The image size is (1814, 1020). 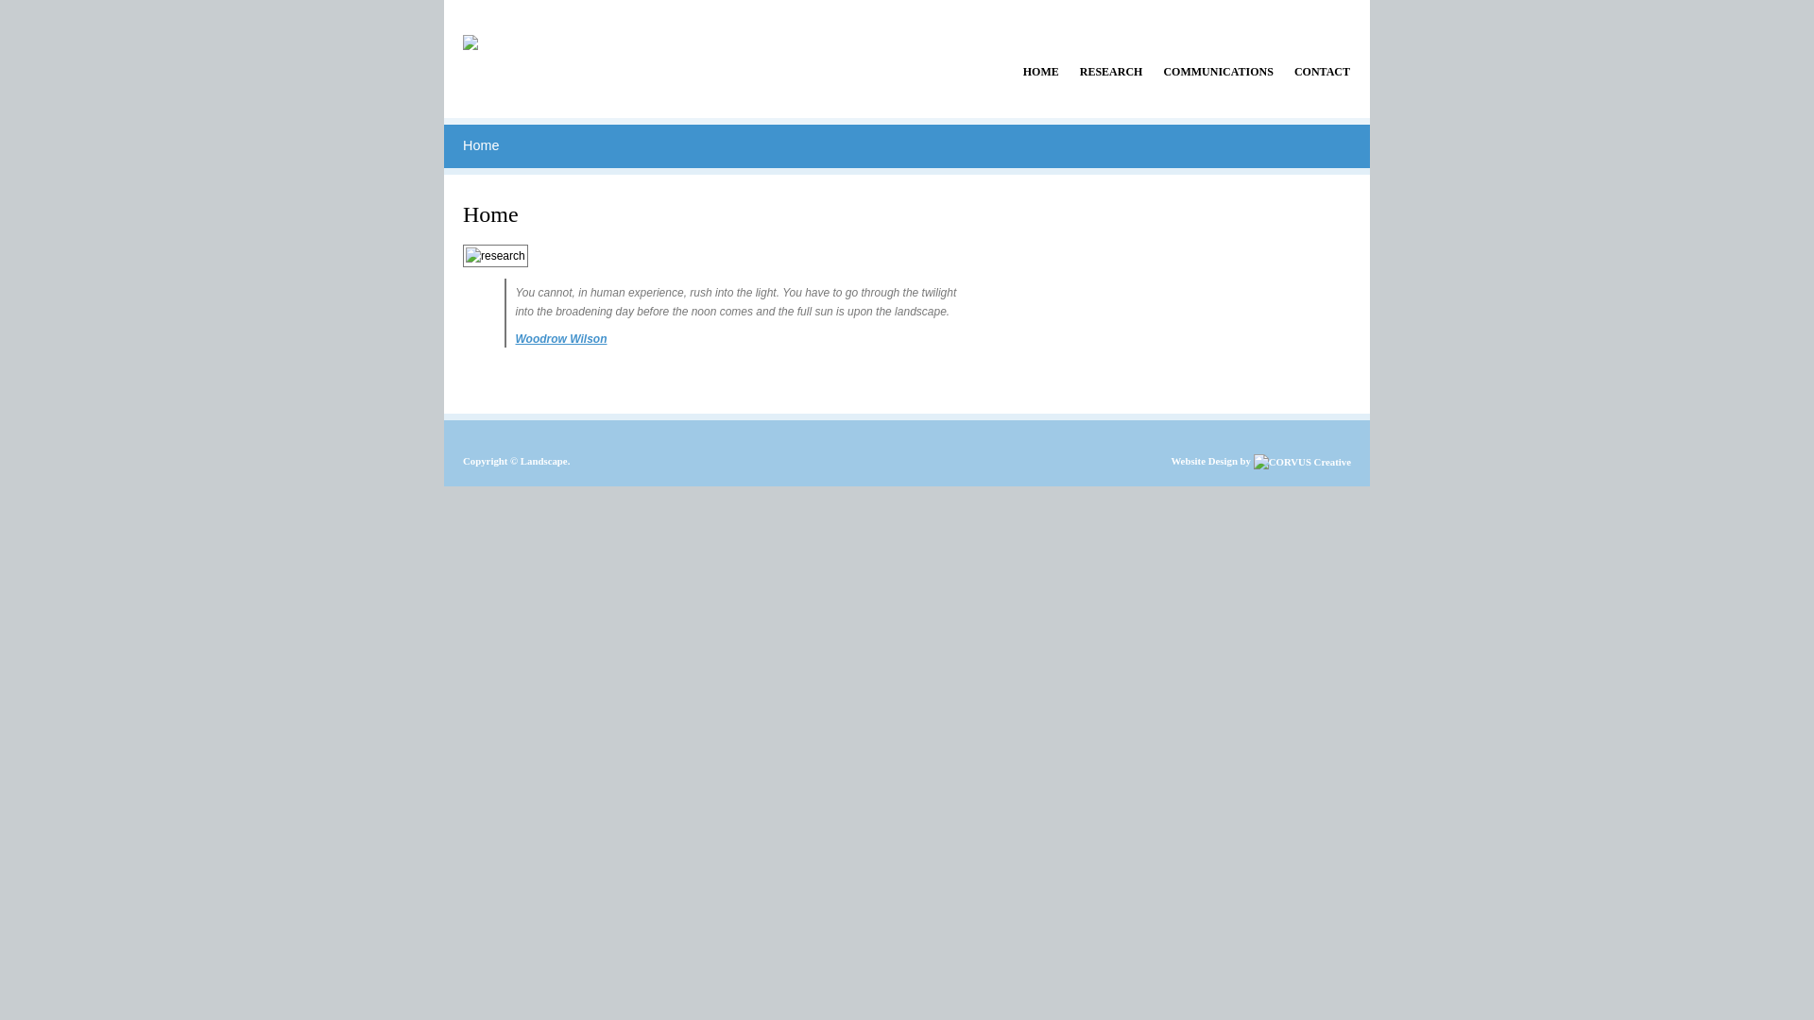 I want to click on 'RESEARCH', so click(x=1111, y=71).